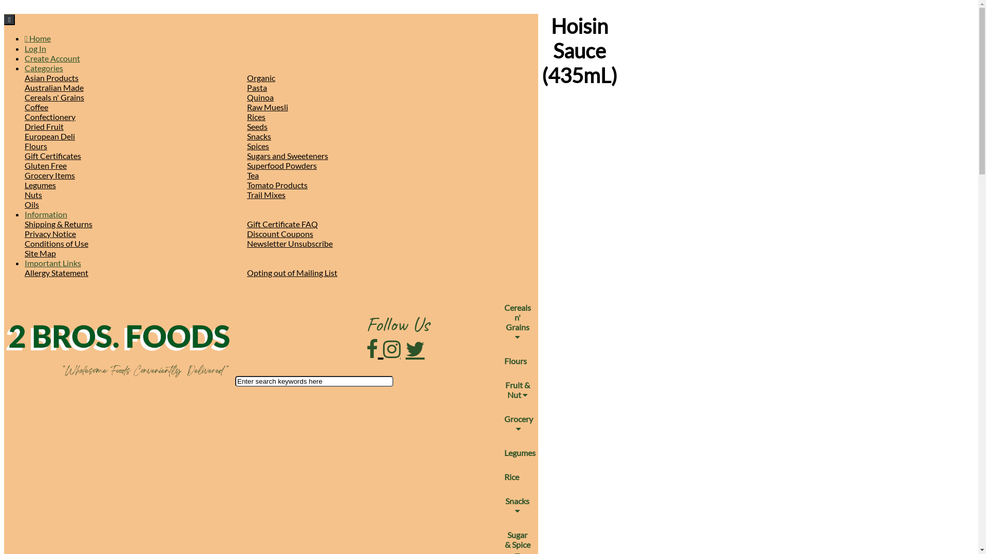  What do you see at coordinates (281, 165) in the screenshot?
I see `'Superfood Powders'` at bounding box center [281, 165].